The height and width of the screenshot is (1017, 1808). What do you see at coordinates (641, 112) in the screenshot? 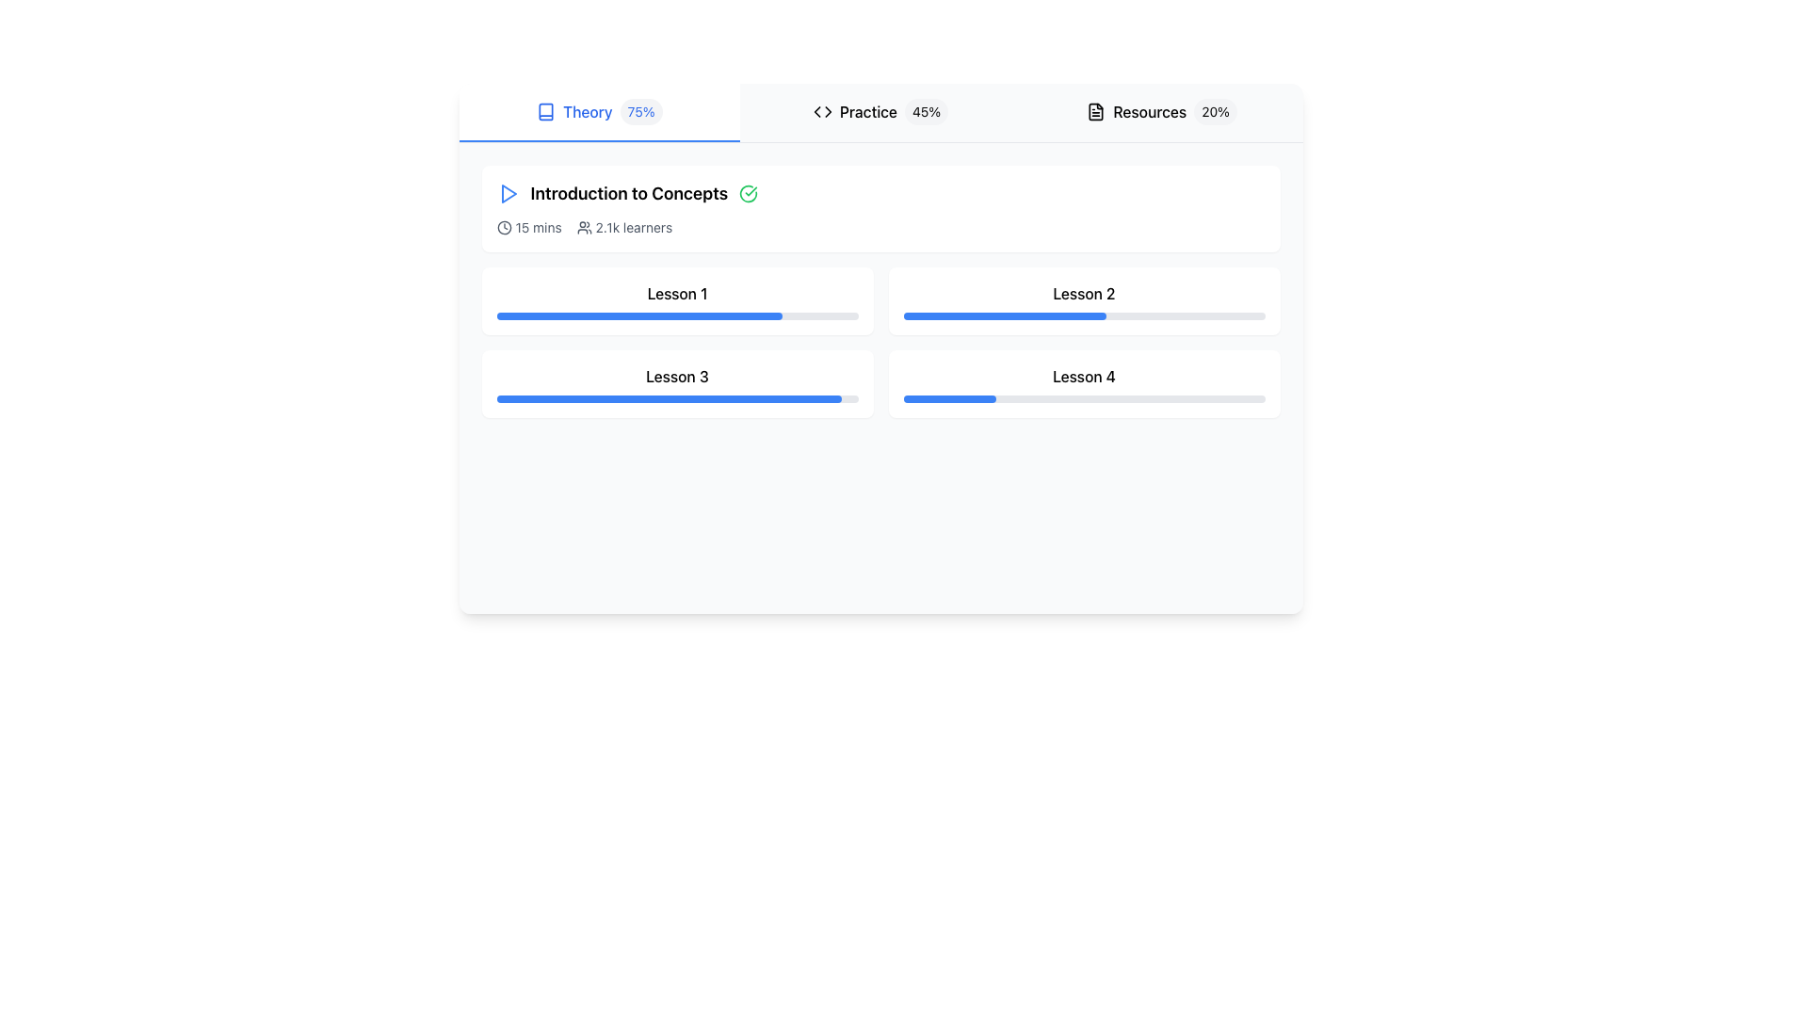
I see `the completion progress label of the 'Theory' section, which is located to the right of the 'Theory' label and to the left of the 'Practice' and 'Resources' tabs` at bounding box center [641, 112].